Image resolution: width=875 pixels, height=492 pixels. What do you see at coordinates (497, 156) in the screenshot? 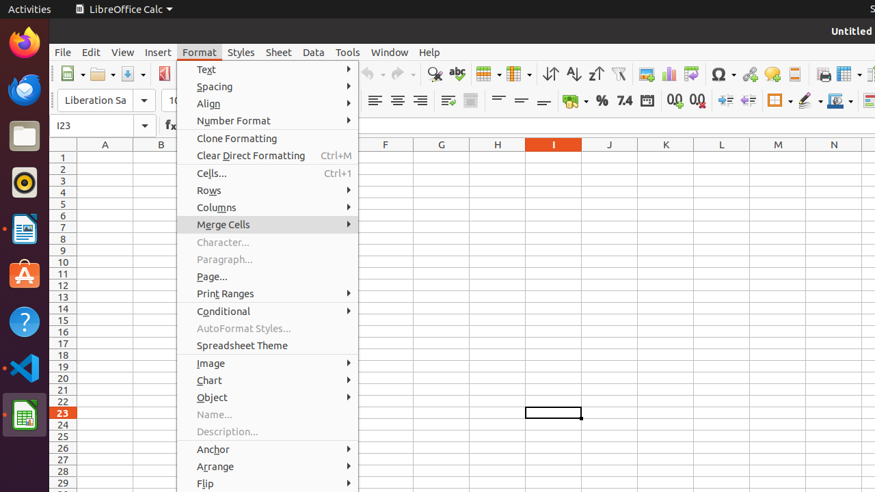
I see `'H1'` at bounding box center [497, 156].